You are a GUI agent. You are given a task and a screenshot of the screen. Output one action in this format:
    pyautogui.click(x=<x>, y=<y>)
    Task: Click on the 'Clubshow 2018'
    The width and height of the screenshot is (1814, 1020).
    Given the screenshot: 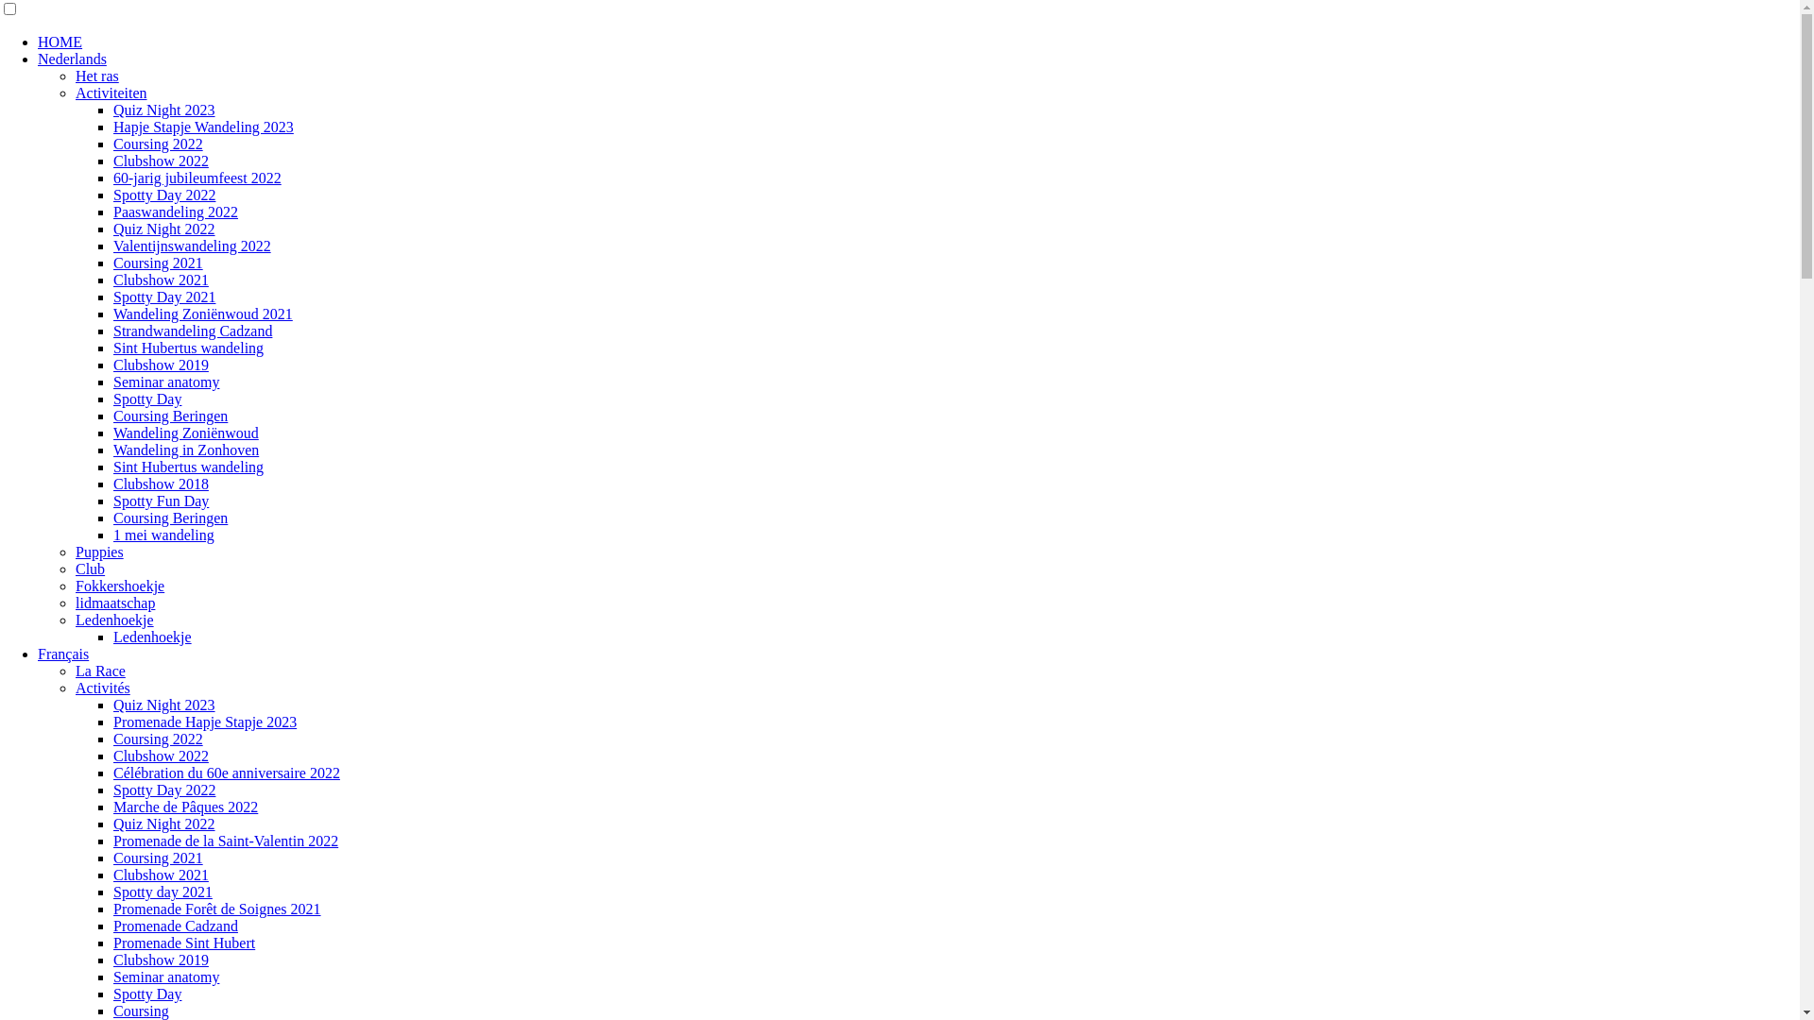 What is the action you would take?
    pyautogui.click(x=112, y=483)
    